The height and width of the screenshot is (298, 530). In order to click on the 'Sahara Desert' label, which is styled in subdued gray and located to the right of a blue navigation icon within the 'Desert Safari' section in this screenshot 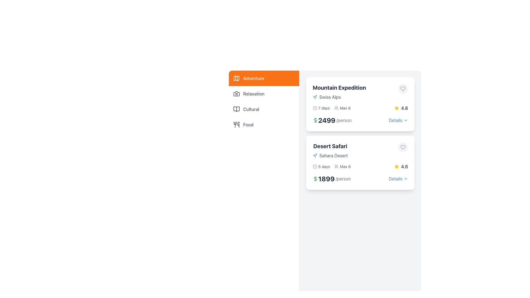, I will do `click(330, 155)`.